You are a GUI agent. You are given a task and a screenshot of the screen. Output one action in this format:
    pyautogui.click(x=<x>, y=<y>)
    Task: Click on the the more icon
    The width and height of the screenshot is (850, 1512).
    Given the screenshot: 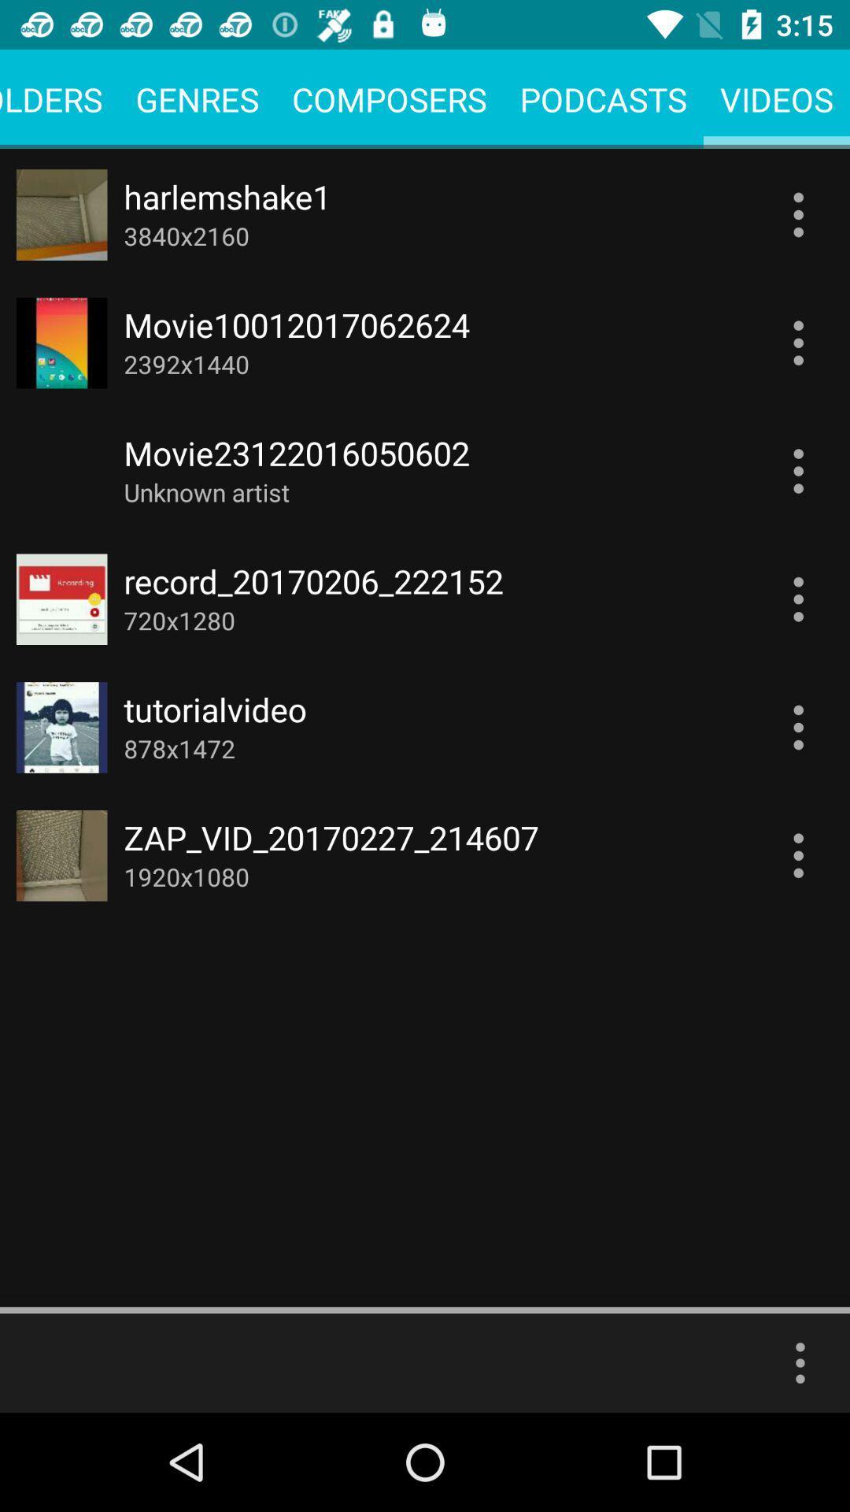 What is the action you would take?
    pyautogui.click(x=800, y=1362)
    